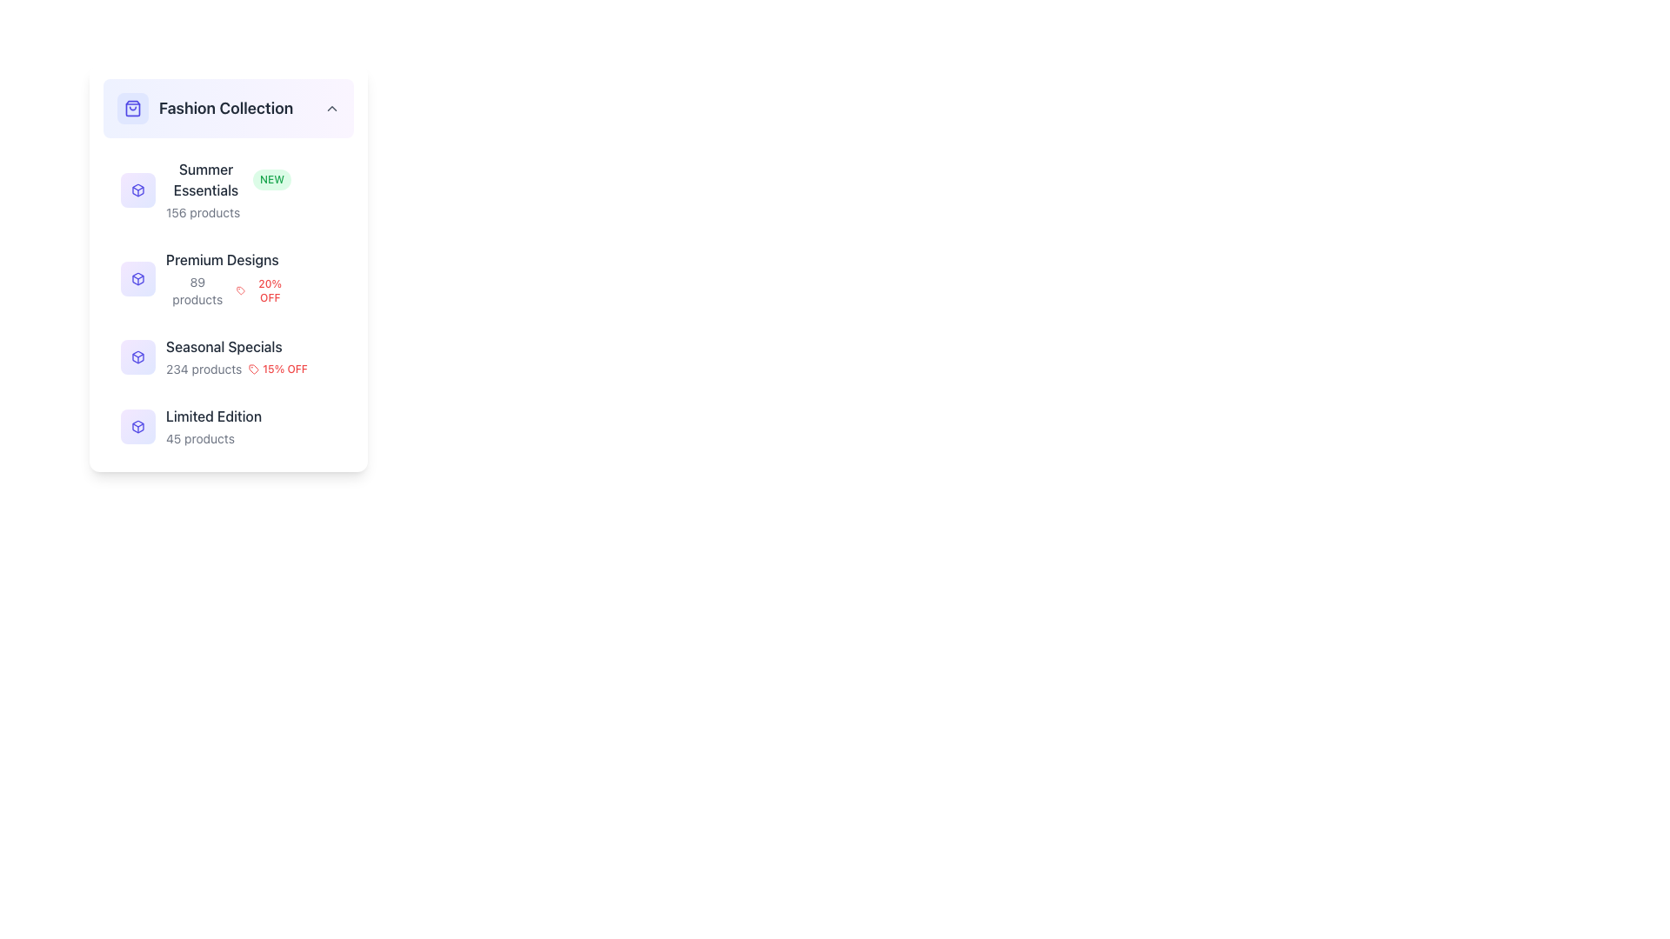 This screenshot has height=939, width=1670. I want to click on the small, square-shaped shopping bag icon with an indigo outline located at the top-left corner of the 'Fashion Collection' card, so click(132, 108).